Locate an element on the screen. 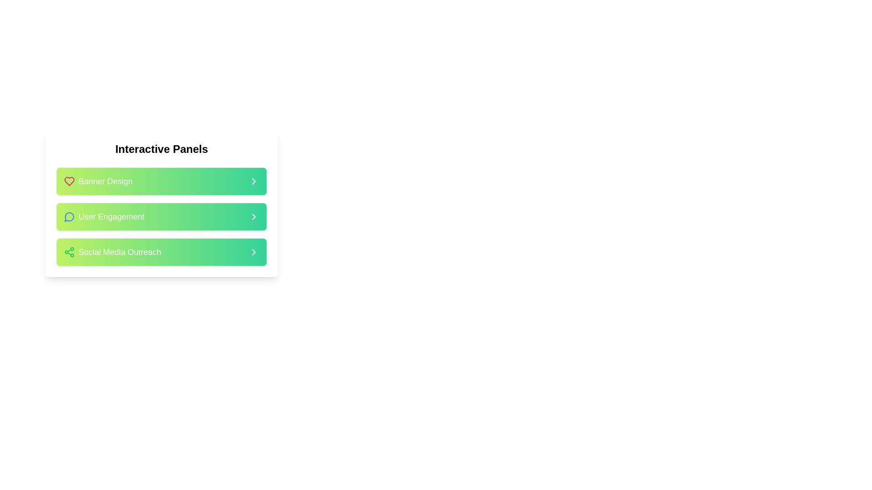 This screenshot has width=872, height=490. the 'Banner Design' text label with accompanying icon, which is the first element in the vertical list below the heading 'Interactive Panels' is located at coordinates (98, 181).